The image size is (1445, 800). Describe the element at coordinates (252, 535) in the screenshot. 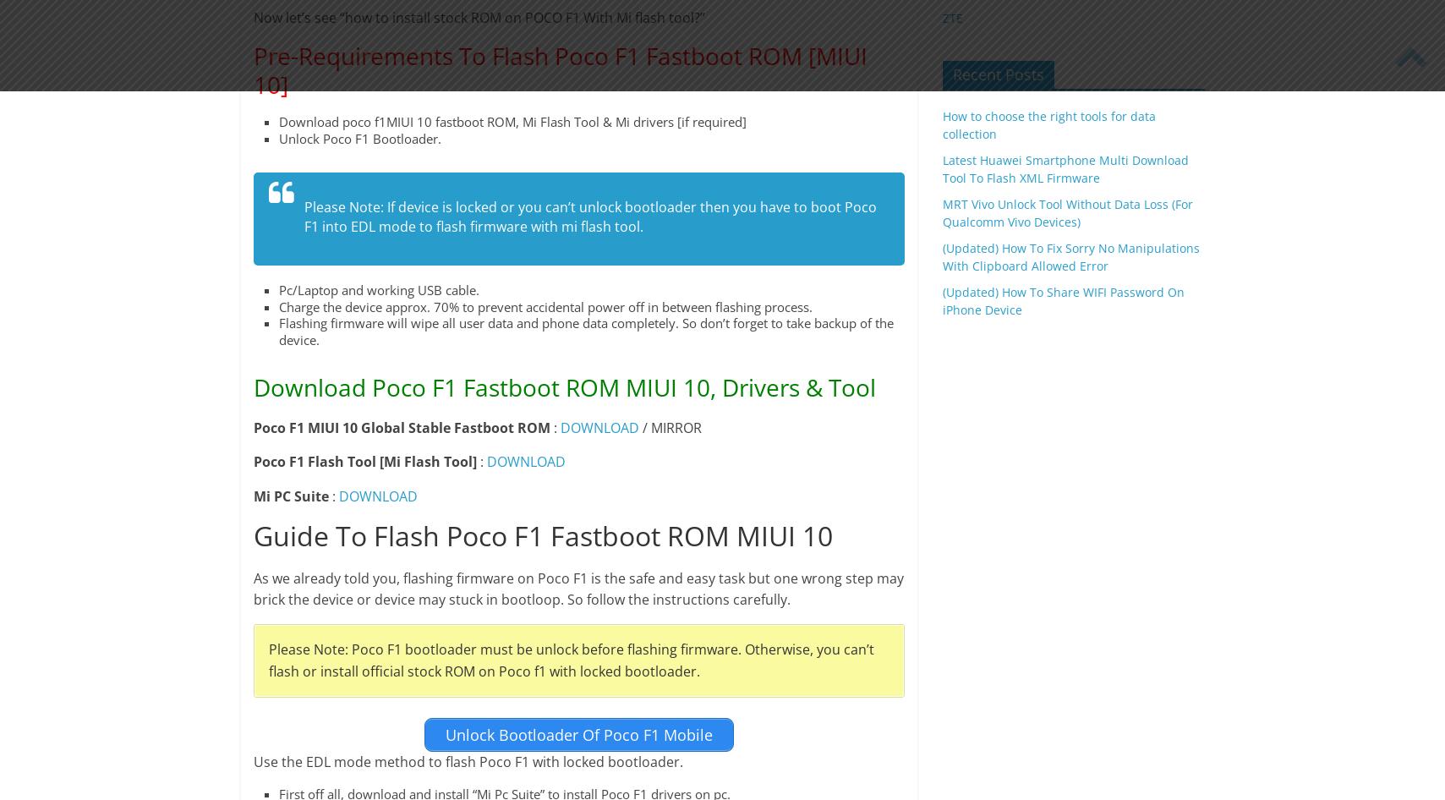

I see `'Guide To Flash Poco F1 Fastboot ROM MIUI 10'` at that location.